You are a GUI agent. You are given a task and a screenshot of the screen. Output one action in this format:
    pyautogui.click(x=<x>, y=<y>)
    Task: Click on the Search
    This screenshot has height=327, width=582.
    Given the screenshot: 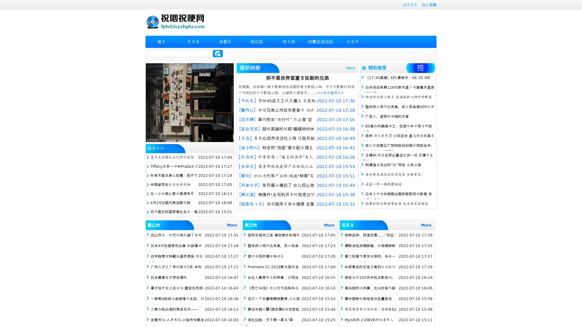 What is the action you would take?
    pyautogui.click(x=218, y=53)
    